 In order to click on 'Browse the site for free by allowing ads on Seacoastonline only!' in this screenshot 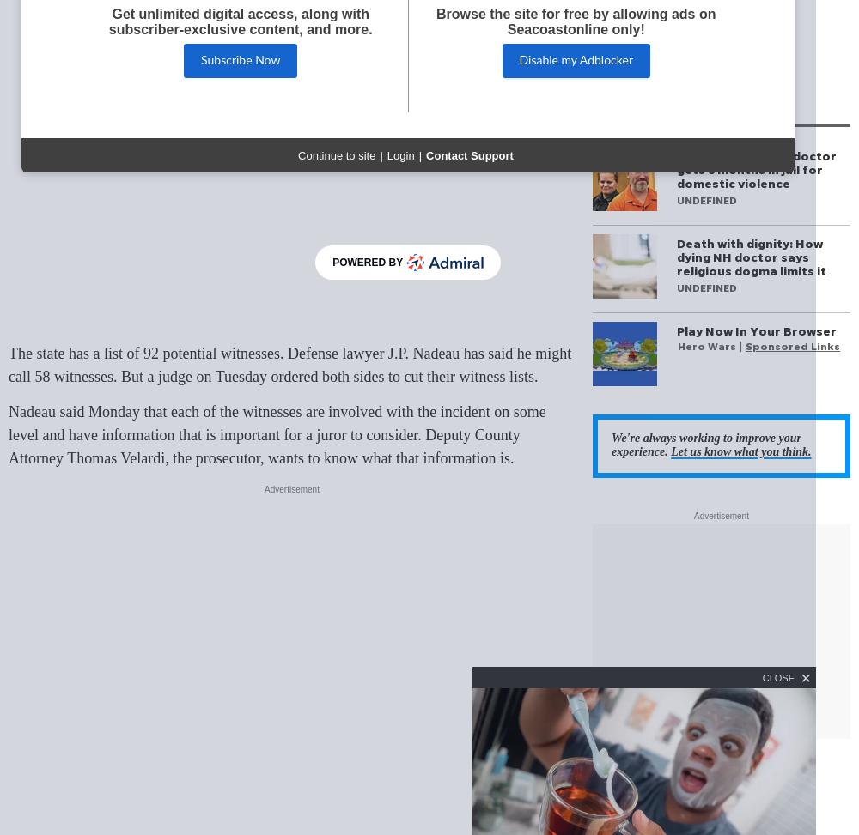, I will do `click(576, 21)`.